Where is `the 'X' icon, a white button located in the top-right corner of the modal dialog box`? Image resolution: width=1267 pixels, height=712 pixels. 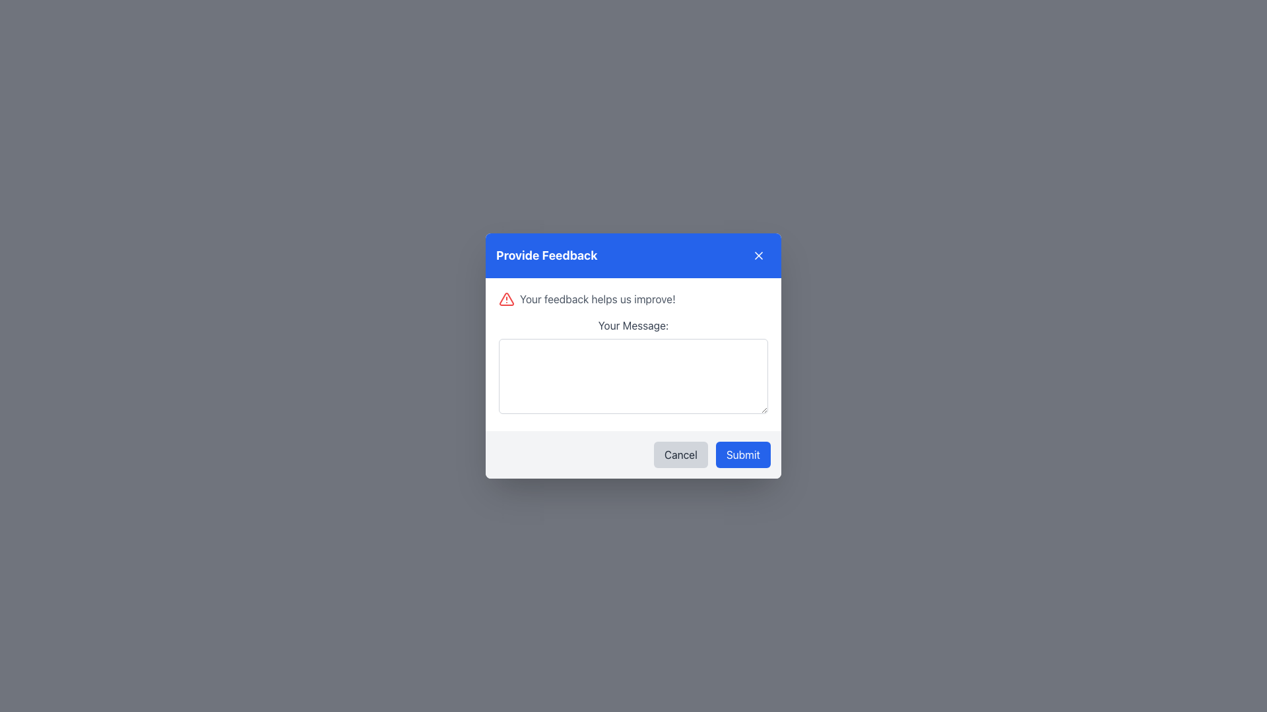
the 'X' icon, a white button located in the top-right corner of the modal dialog box is located at coordinates (759, 256).